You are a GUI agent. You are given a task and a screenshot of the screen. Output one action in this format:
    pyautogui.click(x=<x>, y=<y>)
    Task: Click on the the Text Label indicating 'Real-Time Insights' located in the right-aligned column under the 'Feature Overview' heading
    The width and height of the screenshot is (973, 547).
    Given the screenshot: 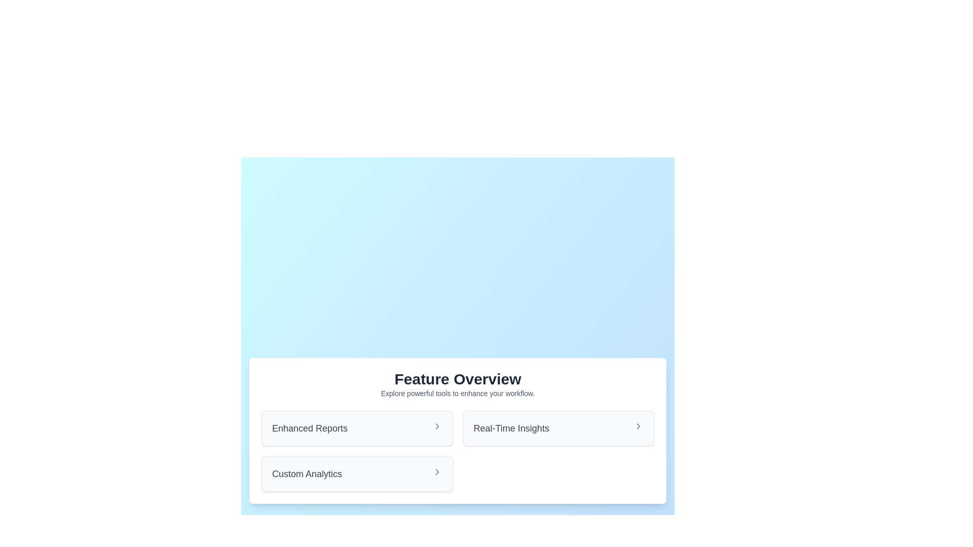 What is the action you would take?
    pyautogui.click(x=511, y=428)
    